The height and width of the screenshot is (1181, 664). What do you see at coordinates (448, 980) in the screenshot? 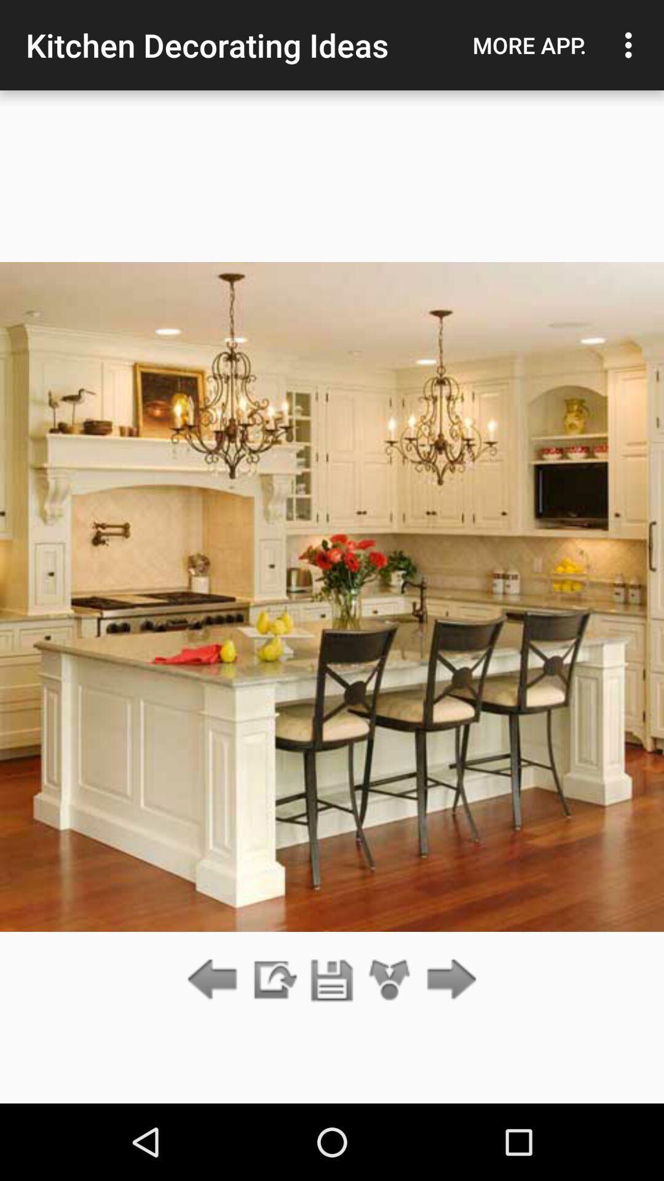
I see `the arrow_forward icon` at bounding box center [448, 980].